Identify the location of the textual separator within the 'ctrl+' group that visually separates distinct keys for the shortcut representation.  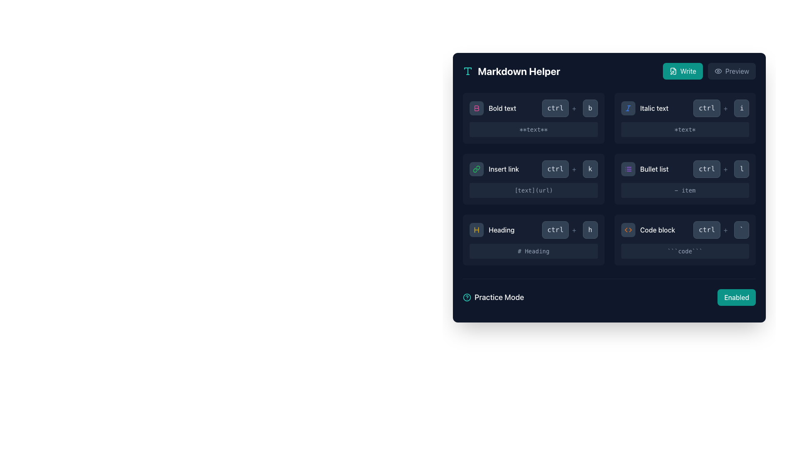
(573, 107).